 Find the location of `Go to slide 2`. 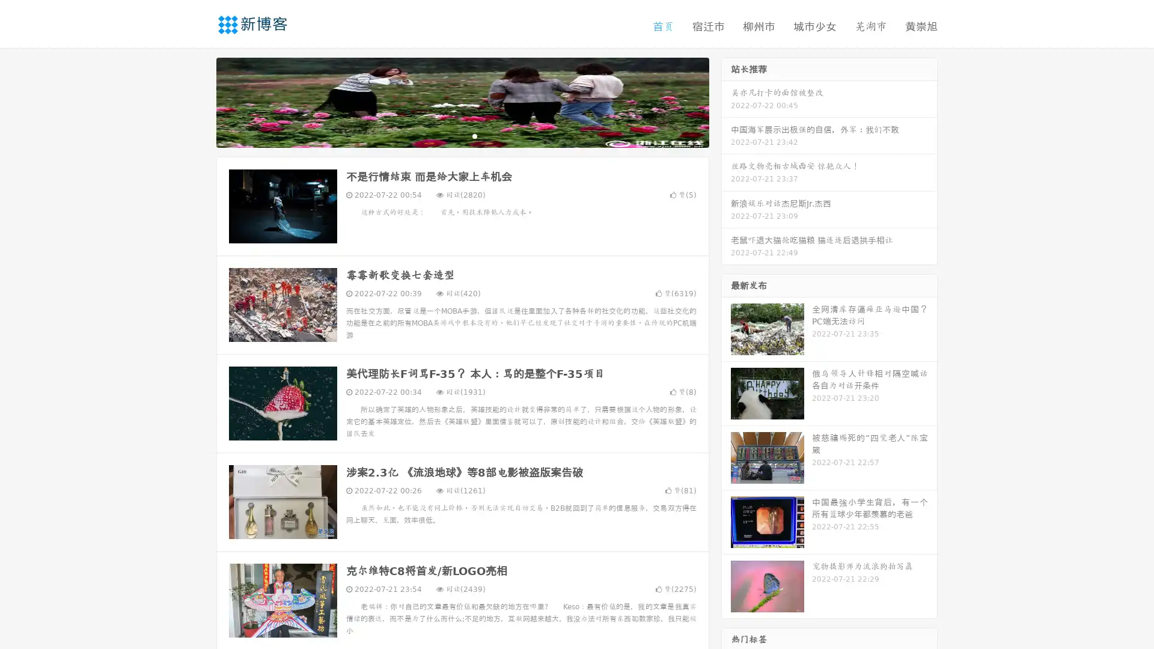

Go to slide 2 is located at coordinates (462, 135).